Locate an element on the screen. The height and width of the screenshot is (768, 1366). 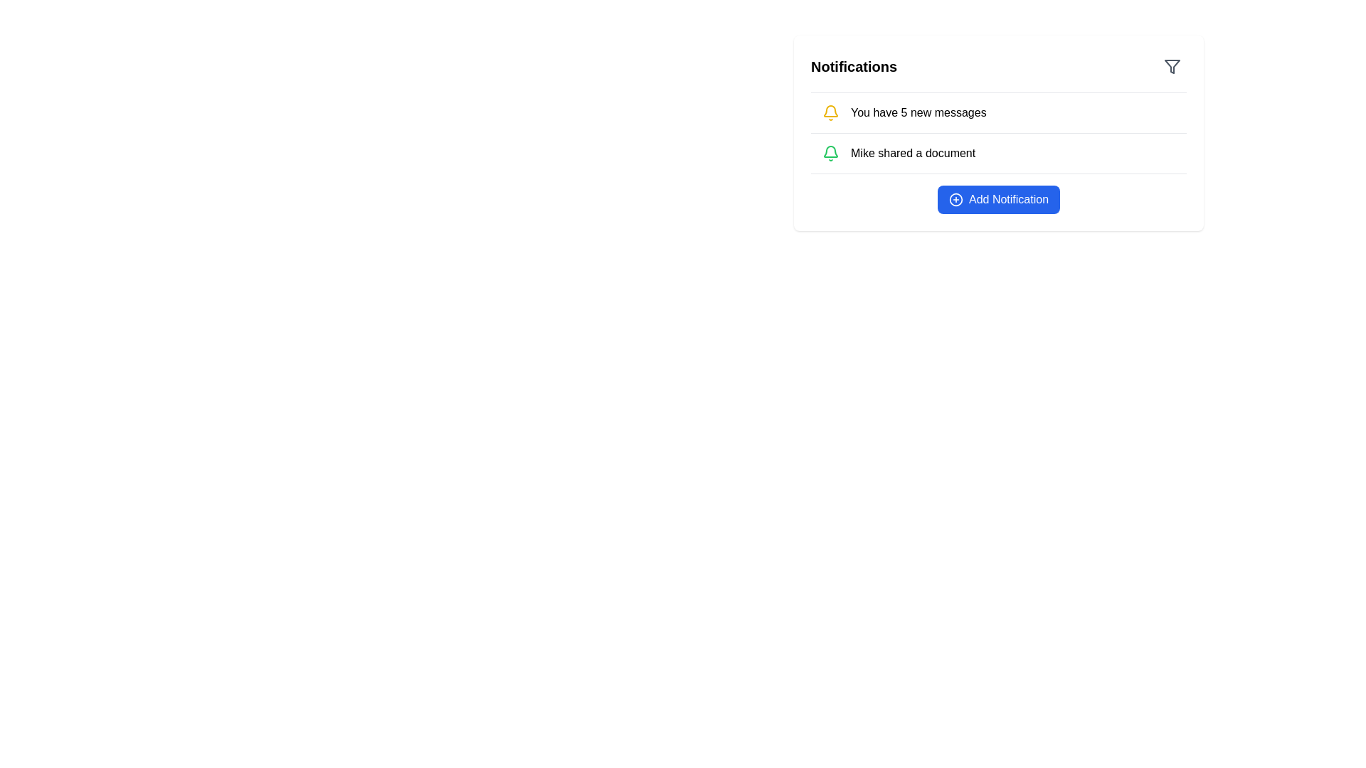
the rectangular button with rounded corners that has a bright blue background and white text reading 'Add Notification', located at the bottom center of the notification card is located at coordinates (997, 200).